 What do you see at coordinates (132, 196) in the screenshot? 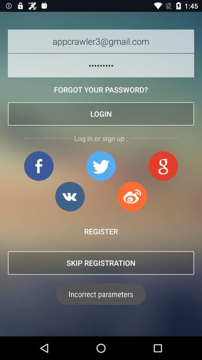
I see `log in to social media` at bounding box center [132, 196].